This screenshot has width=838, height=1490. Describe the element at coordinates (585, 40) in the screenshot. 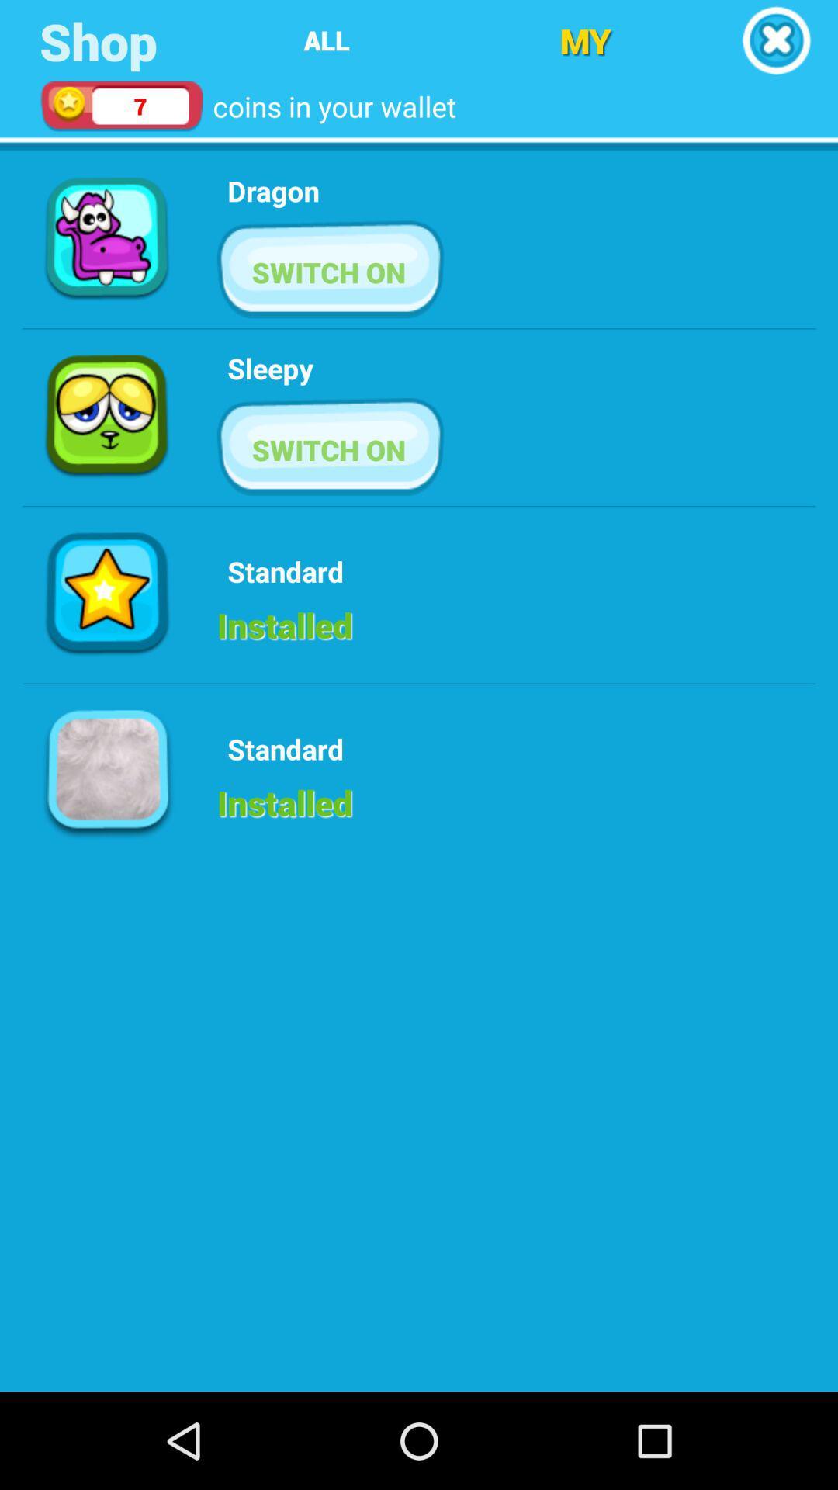

I see `icon next to the coins in your item` at that location.